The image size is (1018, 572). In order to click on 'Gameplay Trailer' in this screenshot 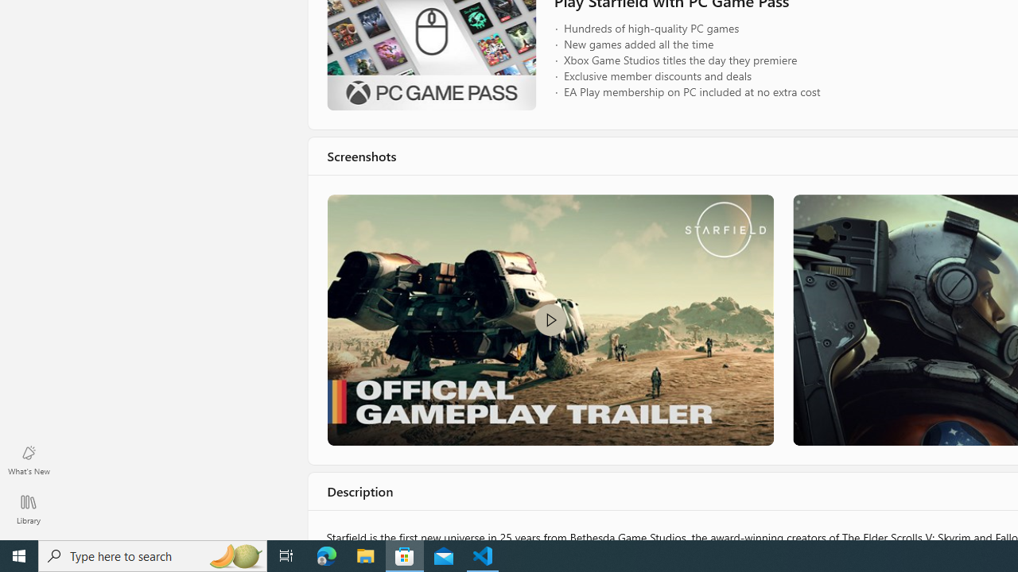, I will do `click(550, 319)`.